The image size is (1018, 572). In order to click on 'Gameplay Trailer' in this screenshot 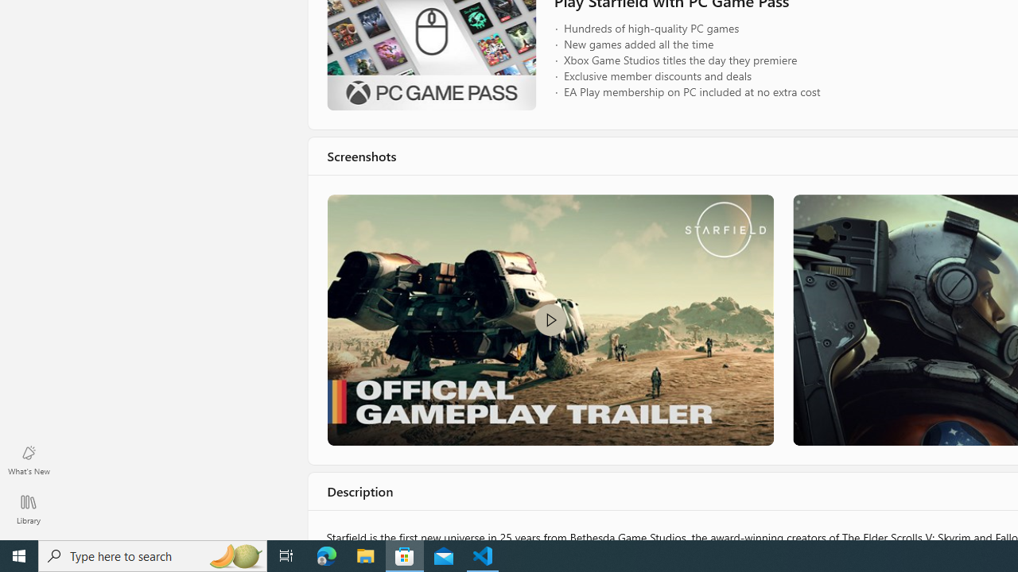, I will do `click(550, 319)`.